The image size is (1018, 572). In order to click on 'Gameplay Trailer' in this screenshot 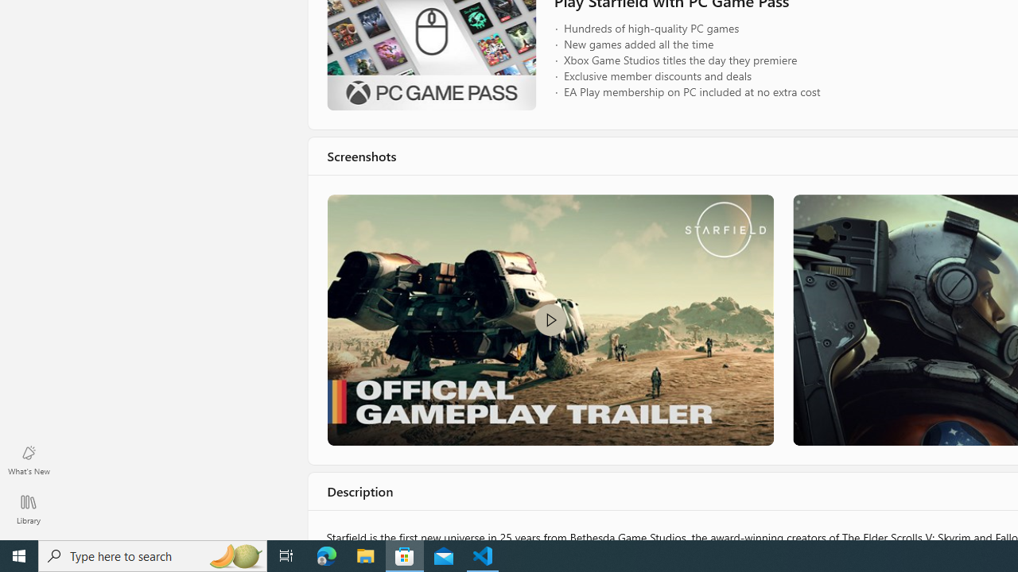, I will do `click(550, 319)`.